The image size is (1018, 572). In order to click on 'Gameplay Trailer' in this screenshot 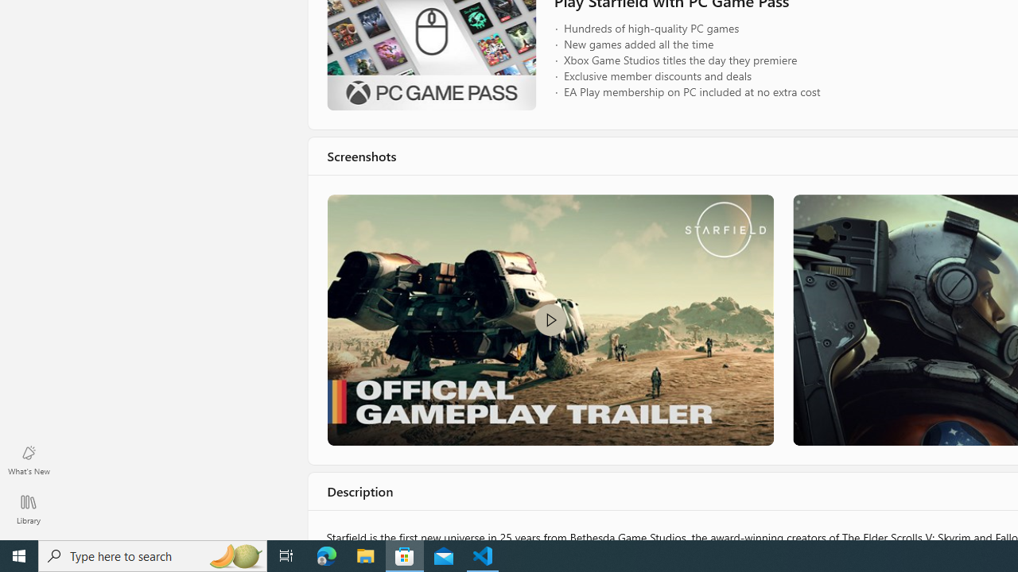, I will do `click(550, 319)`.